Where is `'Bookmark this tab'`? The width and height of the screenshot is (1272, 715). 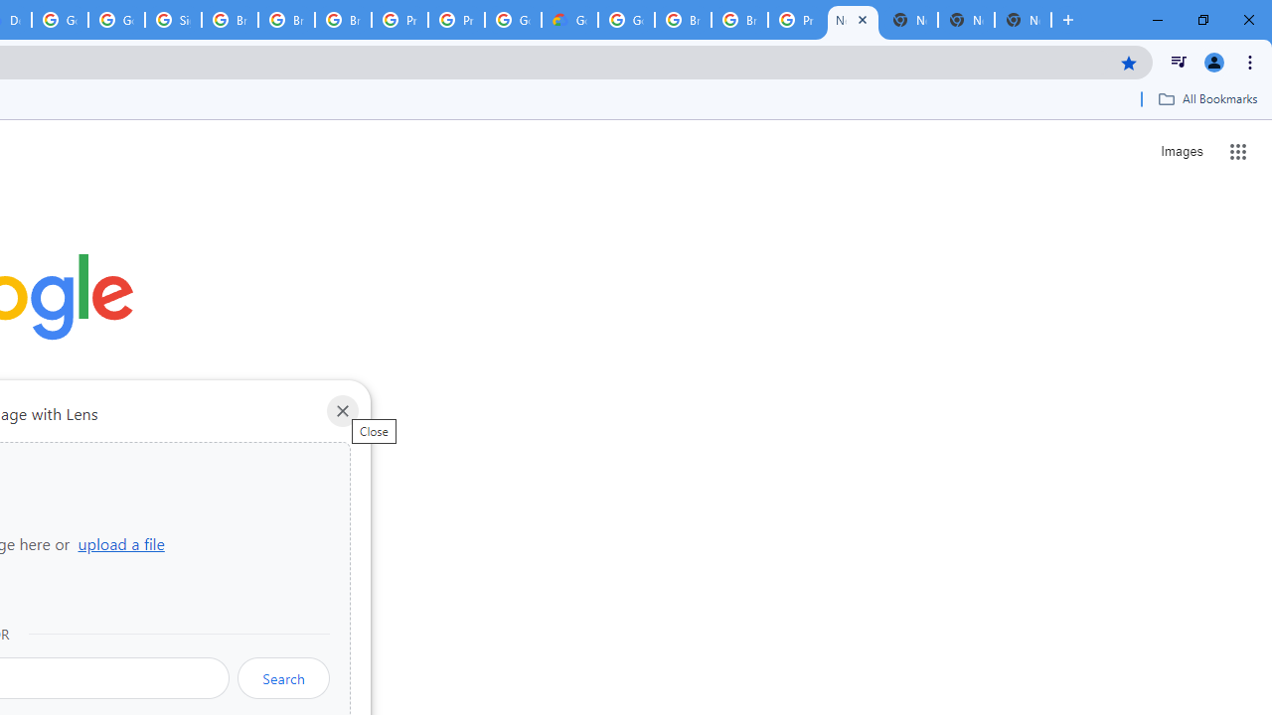
'Bookmark this tab' is located at coordinates (1129, 61).